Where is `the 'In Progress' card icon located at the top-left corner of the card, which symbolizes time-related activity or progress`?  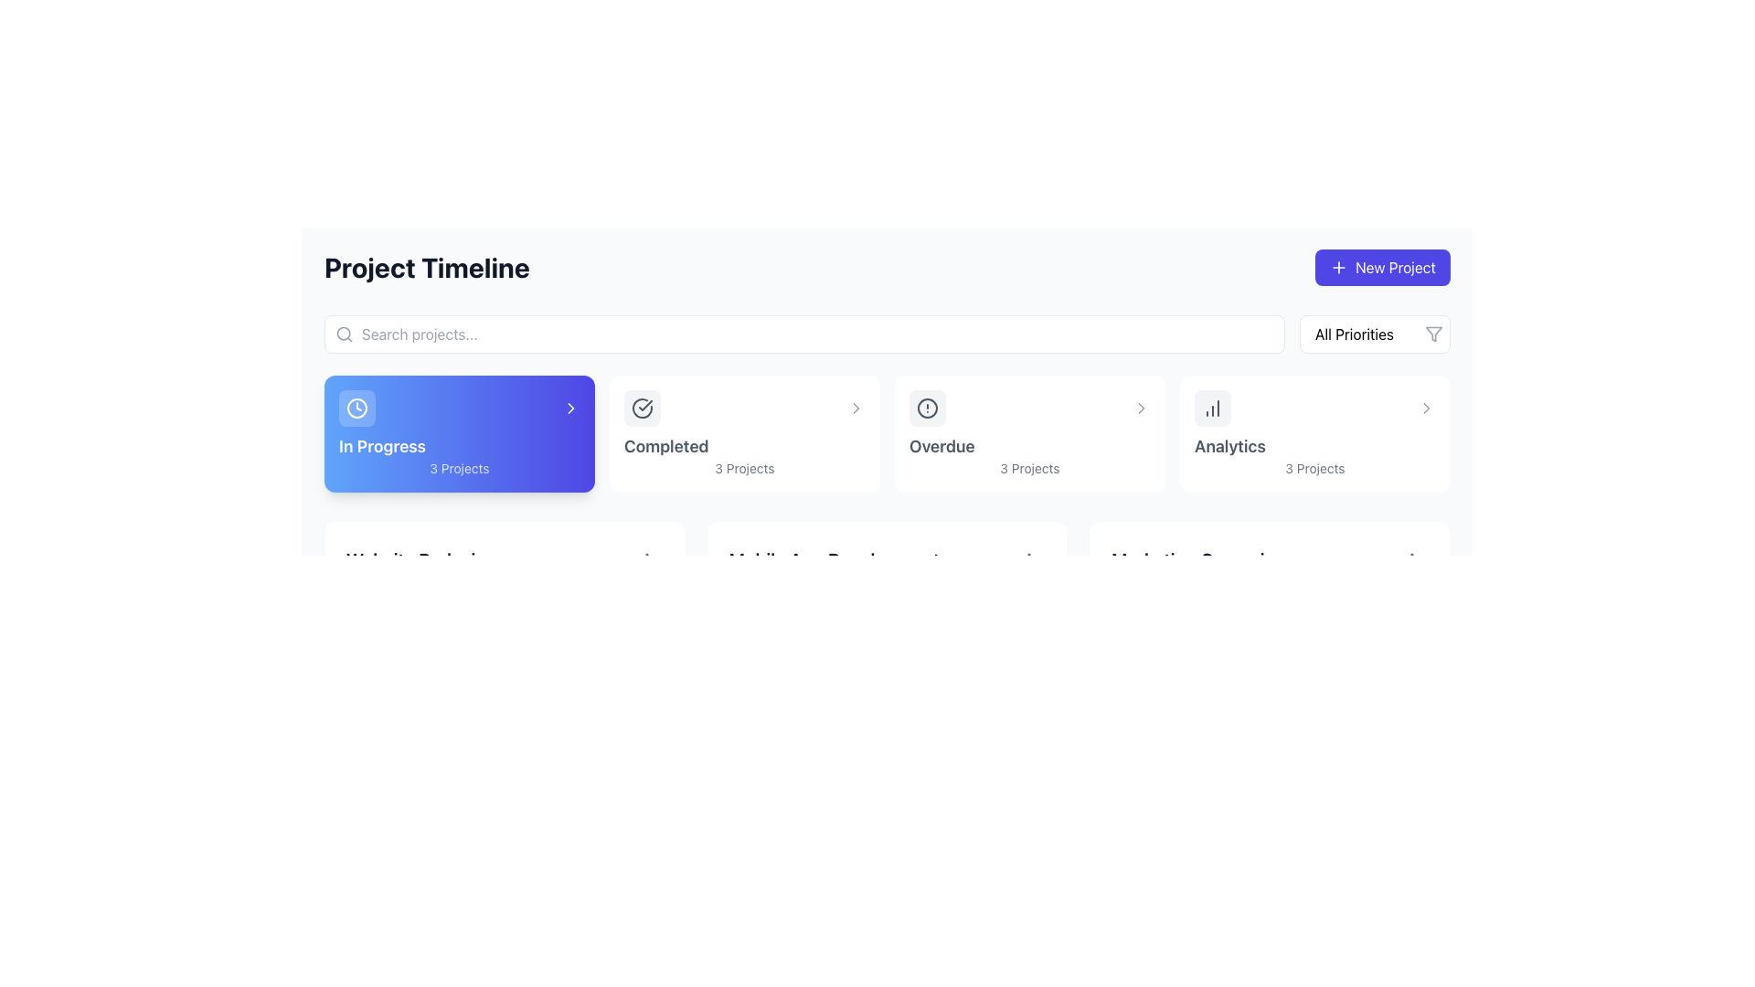
the 'In Progress' card icon located at the top-left corner of the card, which symbolizes time-related activity or progress is located at coordinates (356, 408).